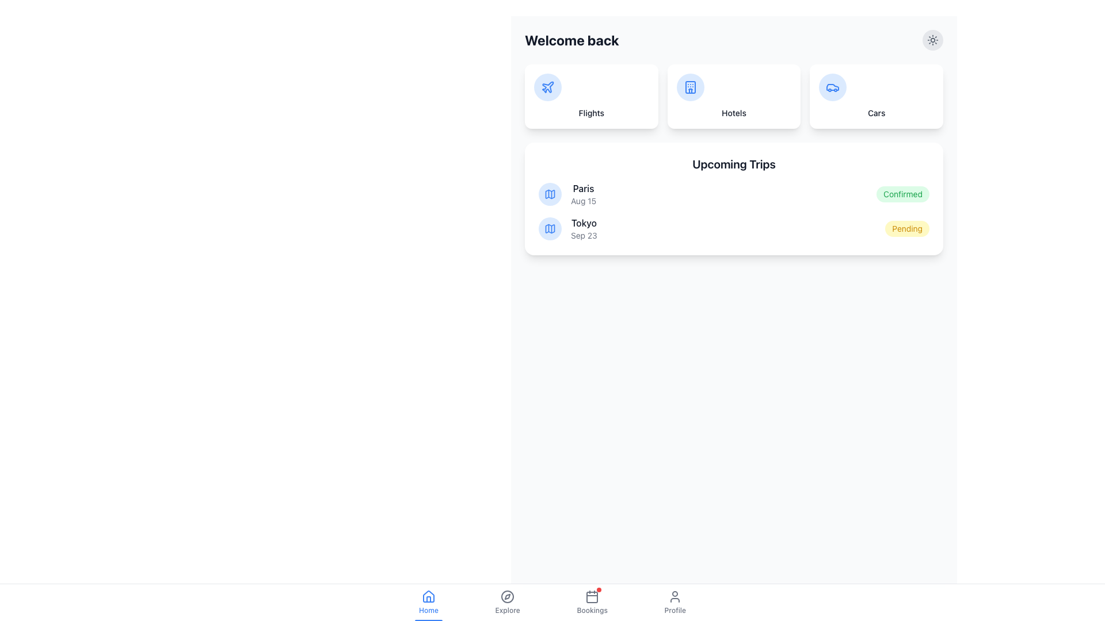 The height and width of the screenshot is (621, 1105). Describe the element at coordinates (567, 228) in the screenshot. I see `the informational list item for the scheduled trip to Tokyo on September 23` at that location.